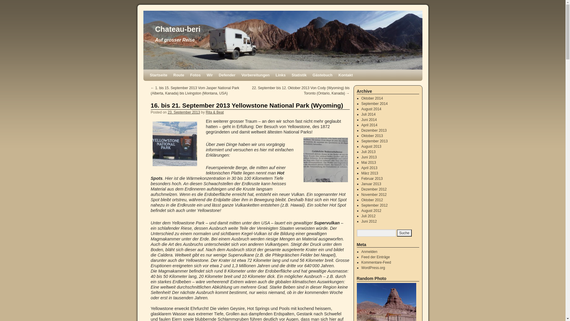 Image resolution: width=570 pixels, height=321 pixels. I want to click on 'September 2014', so click(374, 103).